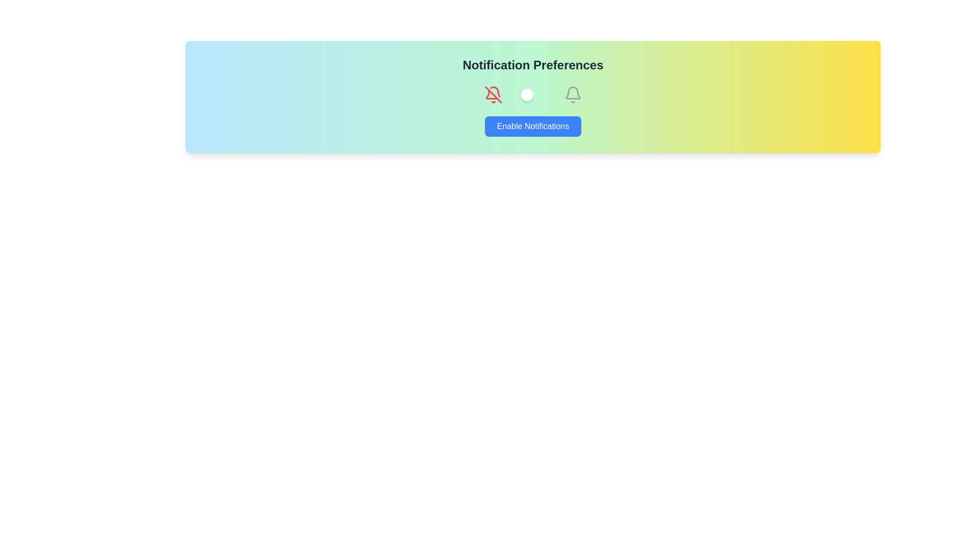 This screenshot has width=979, height=551. What do you see at coordinates (532, 94) in the screenshot?
I see `the toggle switch to change its state` at bounding box center [532, 94].